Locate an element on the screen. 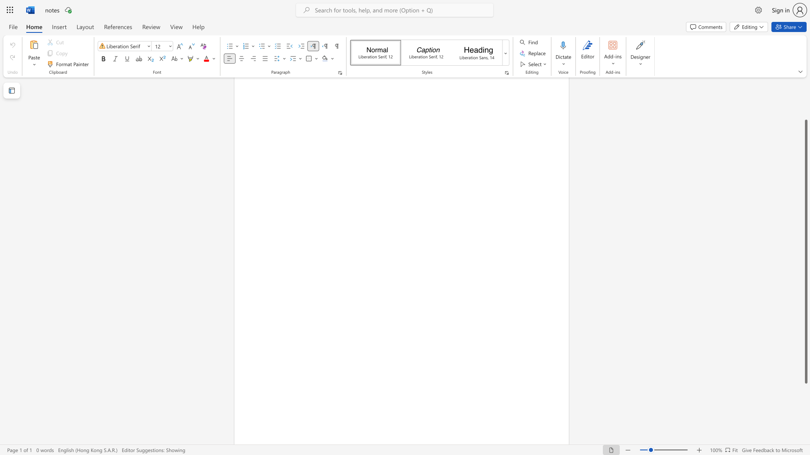 Image resolution: width=810 pixels, height=455 pixels. the right-hand scrollbar to ascend the page is located at coordinates (805, 100).